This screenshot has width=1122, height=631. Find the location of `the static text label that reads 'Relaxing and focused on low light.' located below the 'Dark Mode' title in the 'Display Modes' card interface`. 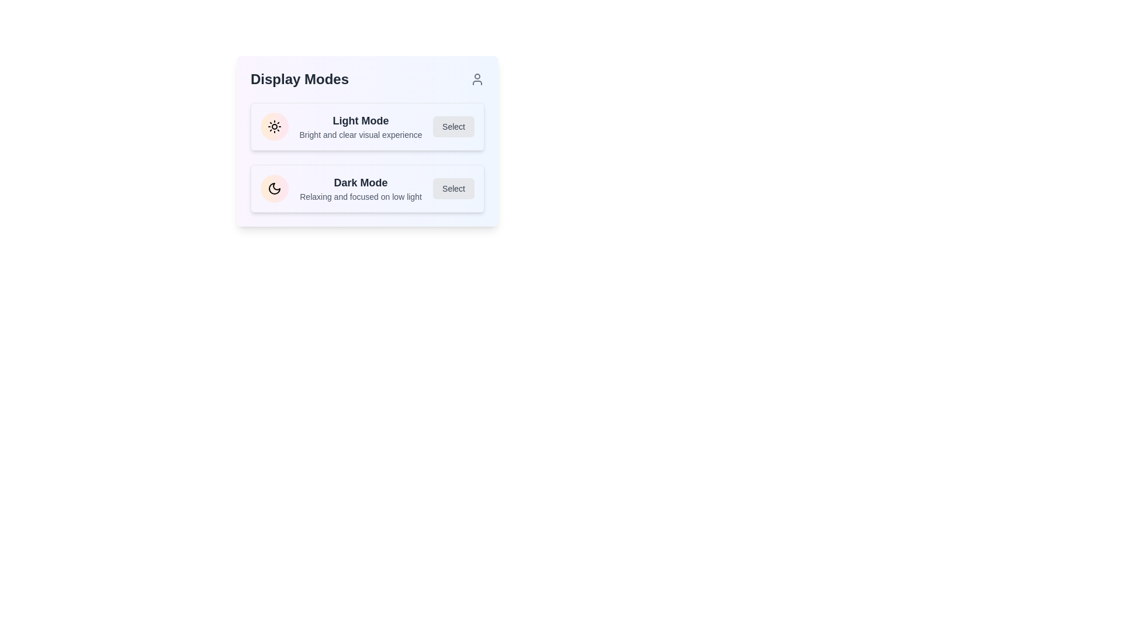

the static text label that reads 'Relaxing and focused on low light.' located below the 'Dark Mode' title in the 'Display Modes' card interface is located at coordinates (360, 196).